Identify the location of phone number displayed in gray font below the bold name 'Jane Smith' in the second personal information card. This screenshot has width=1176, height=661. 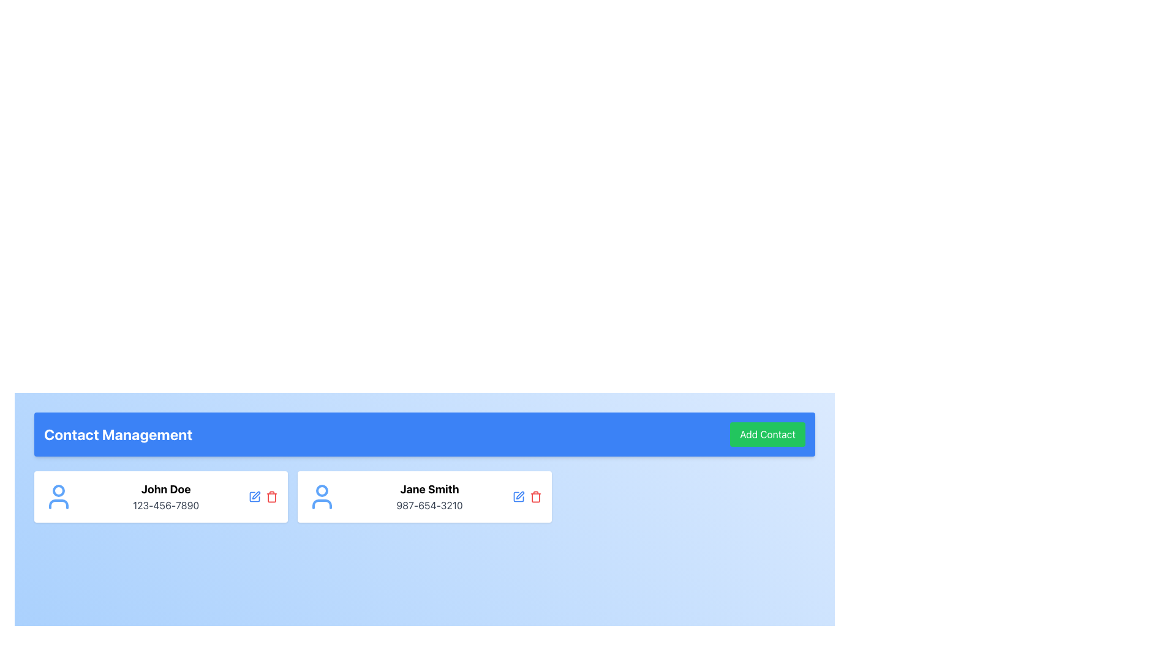
(429, 505).